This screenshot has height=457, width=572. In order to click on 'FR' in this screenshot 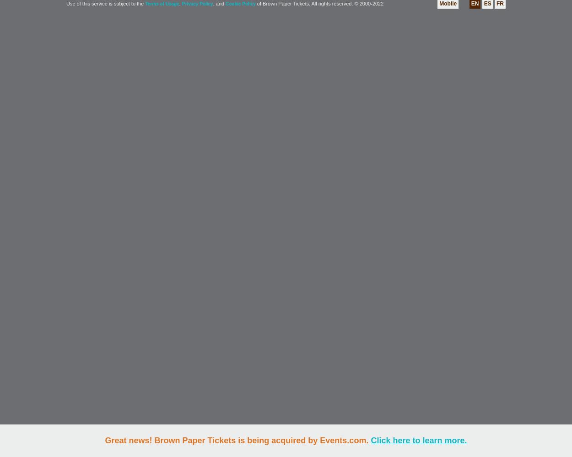, I will do `click(500, 4)`.